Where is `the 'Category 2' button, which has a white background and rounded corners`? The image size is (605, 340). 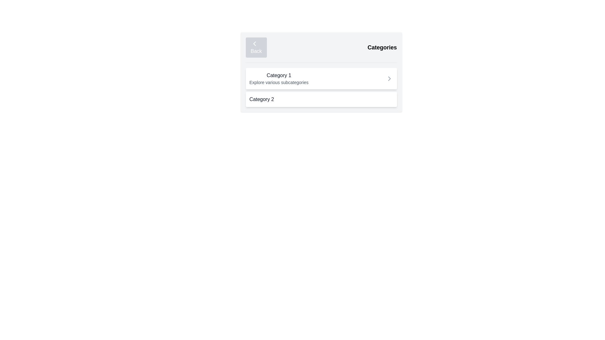 the 'Category 2' button, which has a white background and rounded corners is located at coordinates (321, 99).